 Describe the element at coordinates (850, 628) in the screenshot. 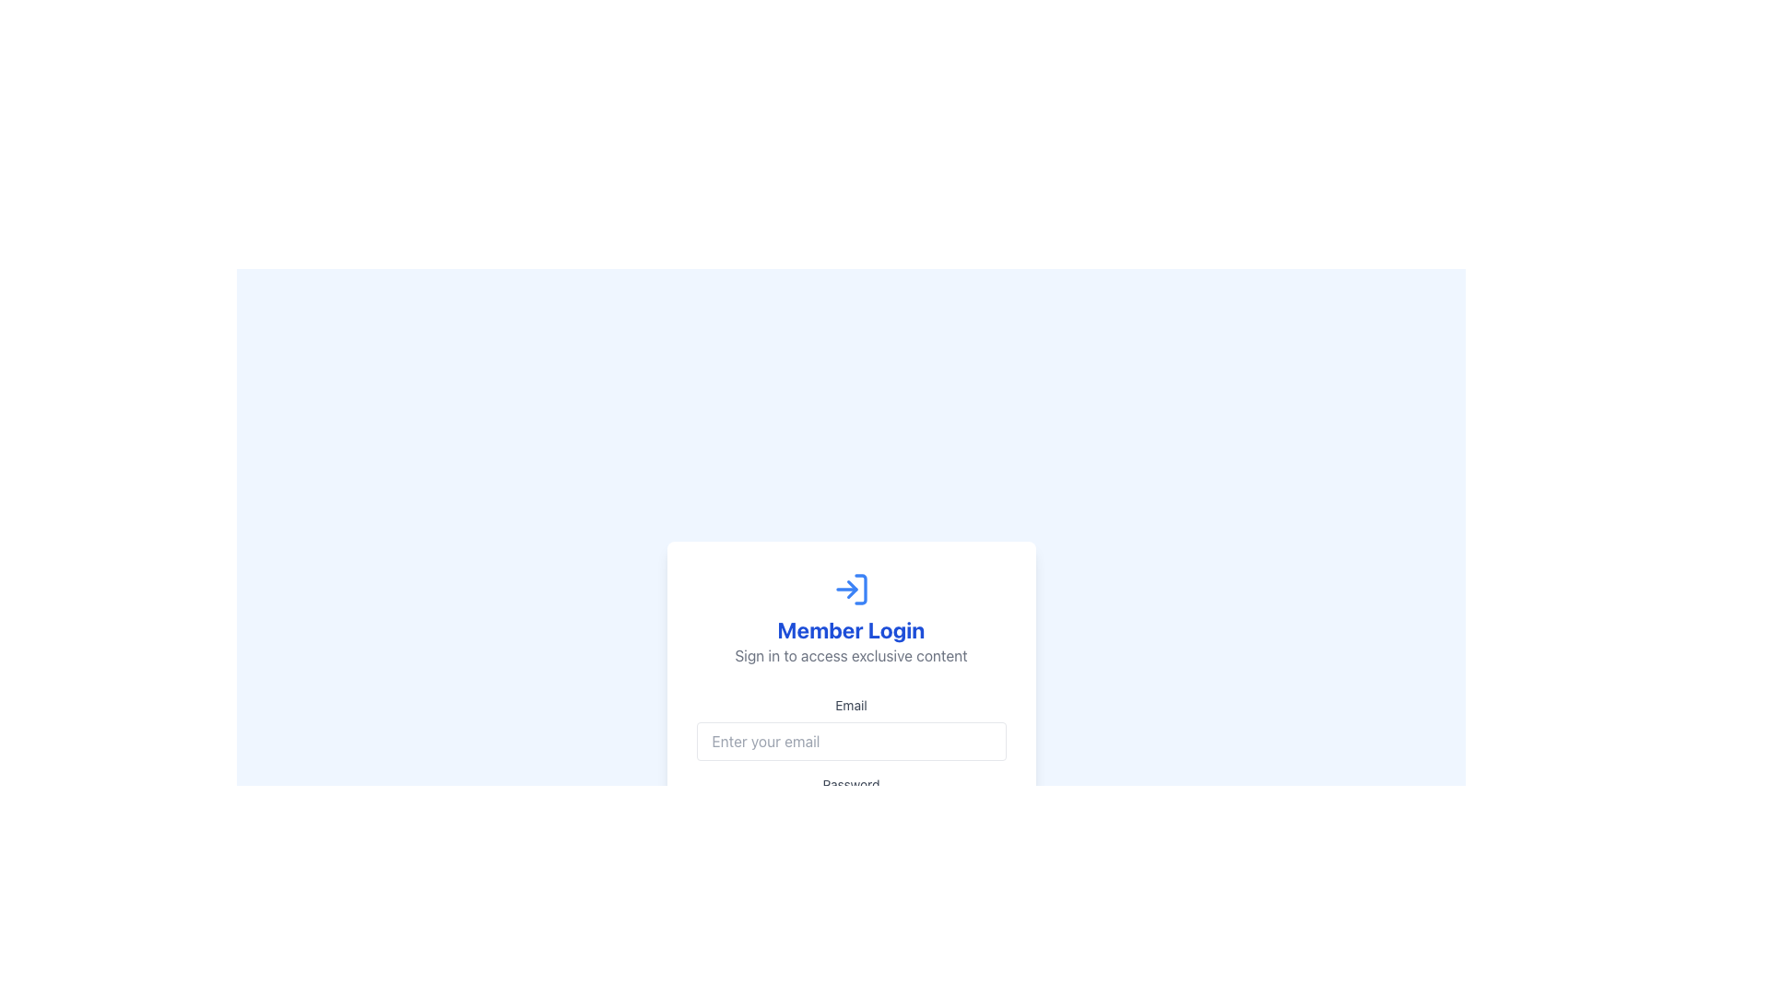

I see `the bold 'Member Login' text label located at the center of the login form interface, which is styled in blue and positioned below a login icon` at that location.